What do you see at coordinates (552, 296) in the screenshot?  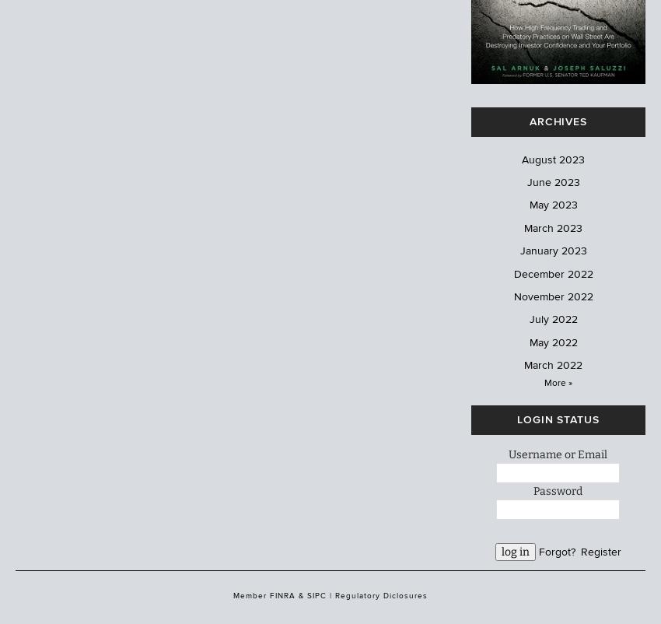 I see `'November 2022'` at bounding box center [552, 296].